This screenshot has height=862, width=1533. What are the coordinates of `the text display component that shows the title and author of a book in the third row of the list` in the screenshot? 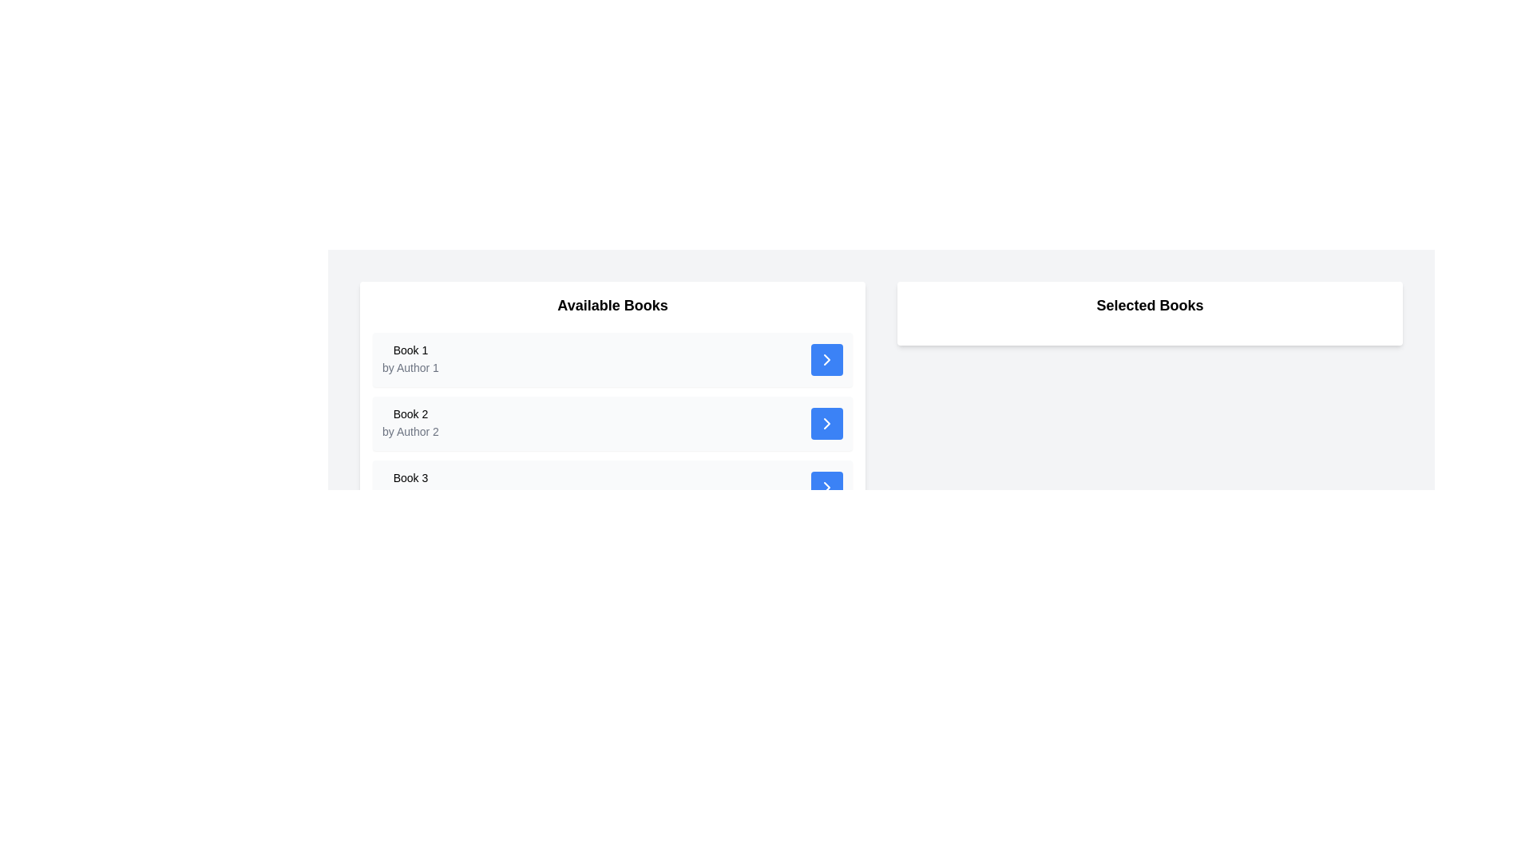 It's located at (410, 486).